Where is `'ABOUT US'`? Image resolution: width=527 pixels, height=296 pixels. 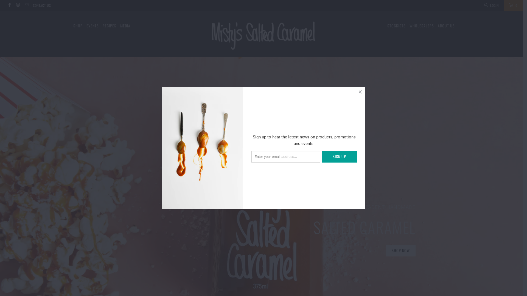
'ABOUT US' is located at coordinates (446, 26).